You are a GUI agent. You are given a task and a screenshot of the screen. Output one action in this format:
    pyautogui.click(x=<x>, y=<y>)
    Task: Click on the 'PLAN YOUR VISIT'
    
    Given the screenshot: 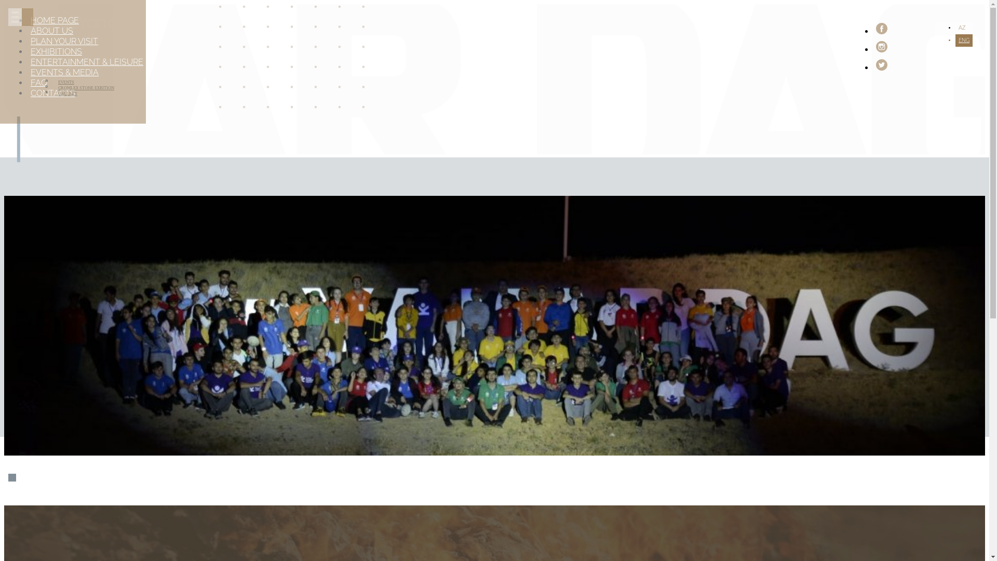 What is the action you would take?
    pyautogui.click(x=64, y=41)
    